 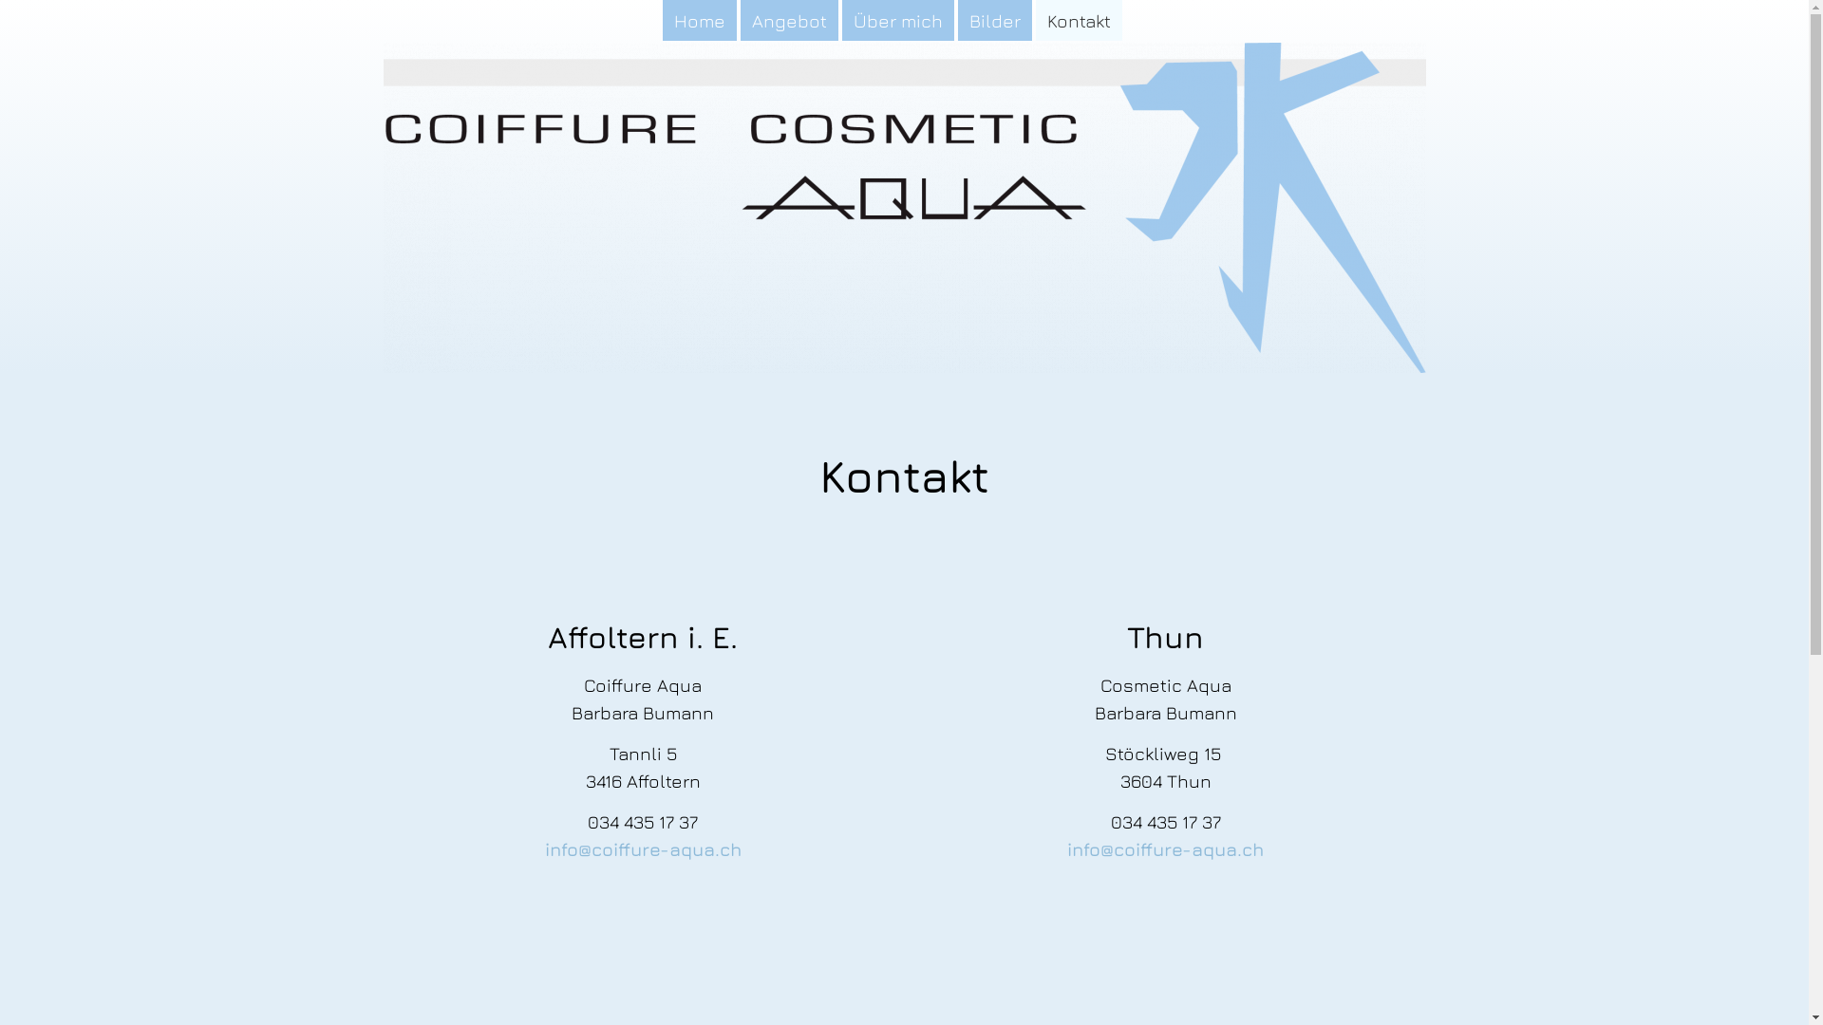 I want to click on 'Bilder', so click(x=957, y=20).